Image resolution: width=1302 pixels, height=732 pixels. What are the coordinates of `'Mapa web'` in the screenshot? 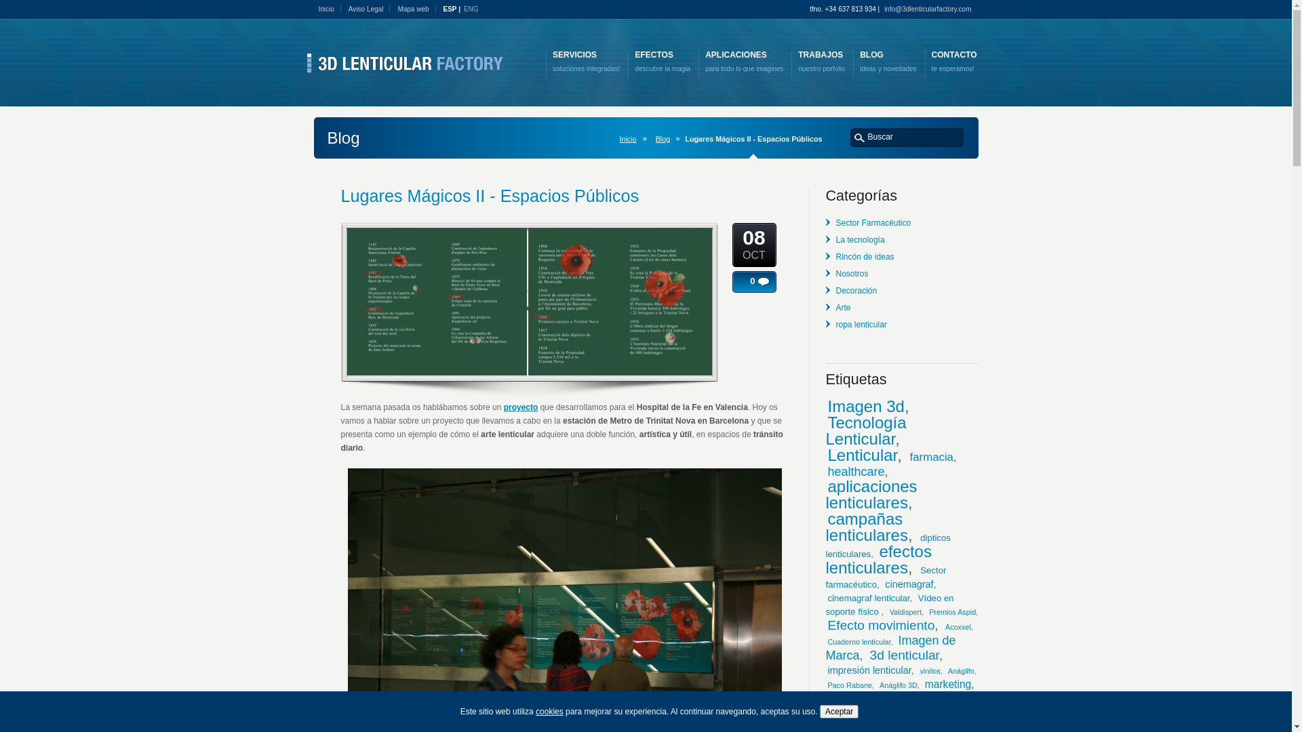 It's located at (416, 9).